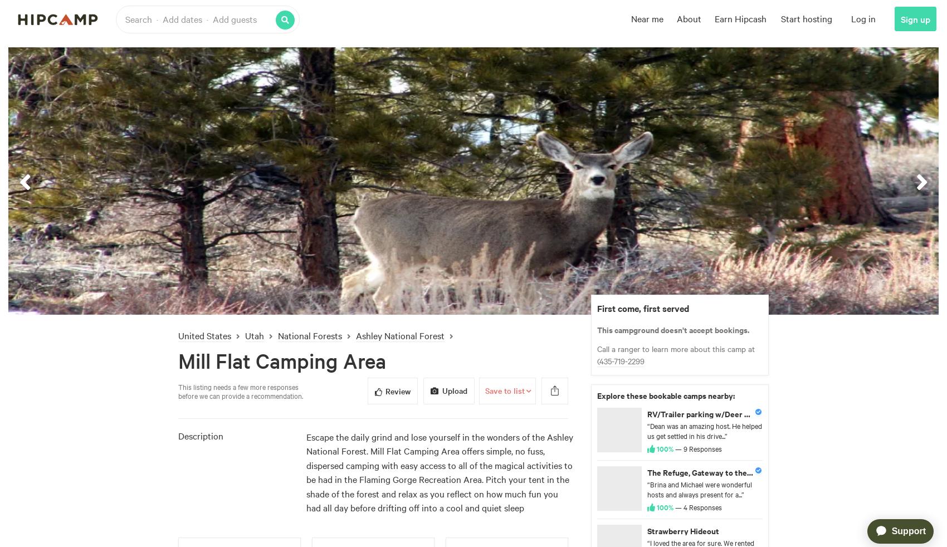 This screenshot has height=547, width=947. What do you see at coordinates (238, 385) in the screenshot?
I see `'This listing needs a few more responses'` at bounding box center [238, 385].